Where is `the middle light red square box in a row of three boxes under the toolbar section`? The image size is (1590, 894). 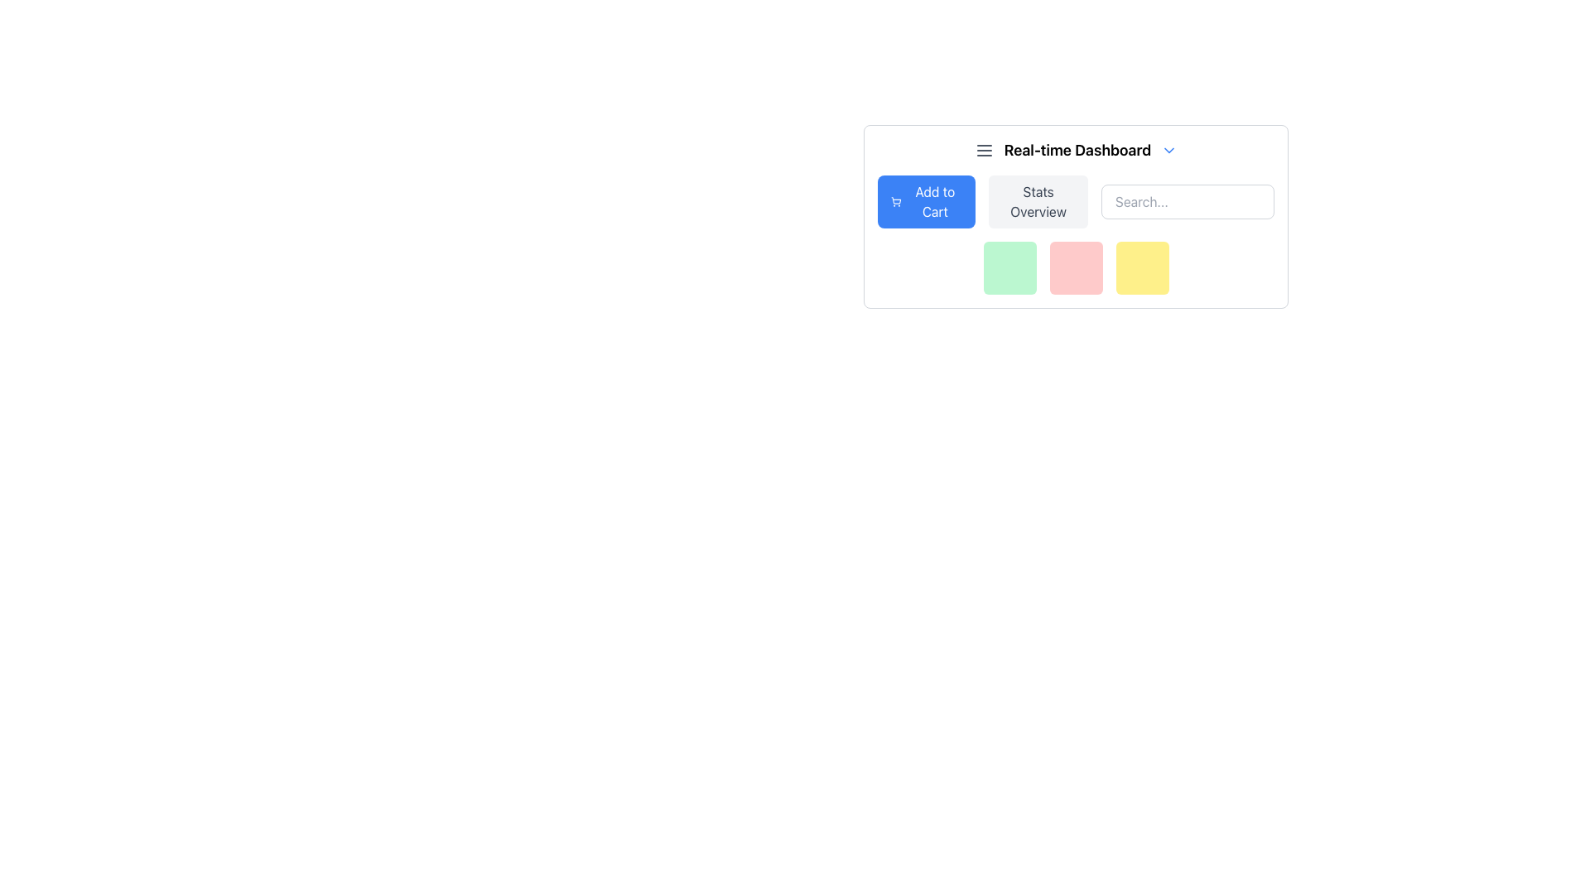 the middle light red square box in a row of three boxes under the toolbar section is located at coordinates (1076, 267).